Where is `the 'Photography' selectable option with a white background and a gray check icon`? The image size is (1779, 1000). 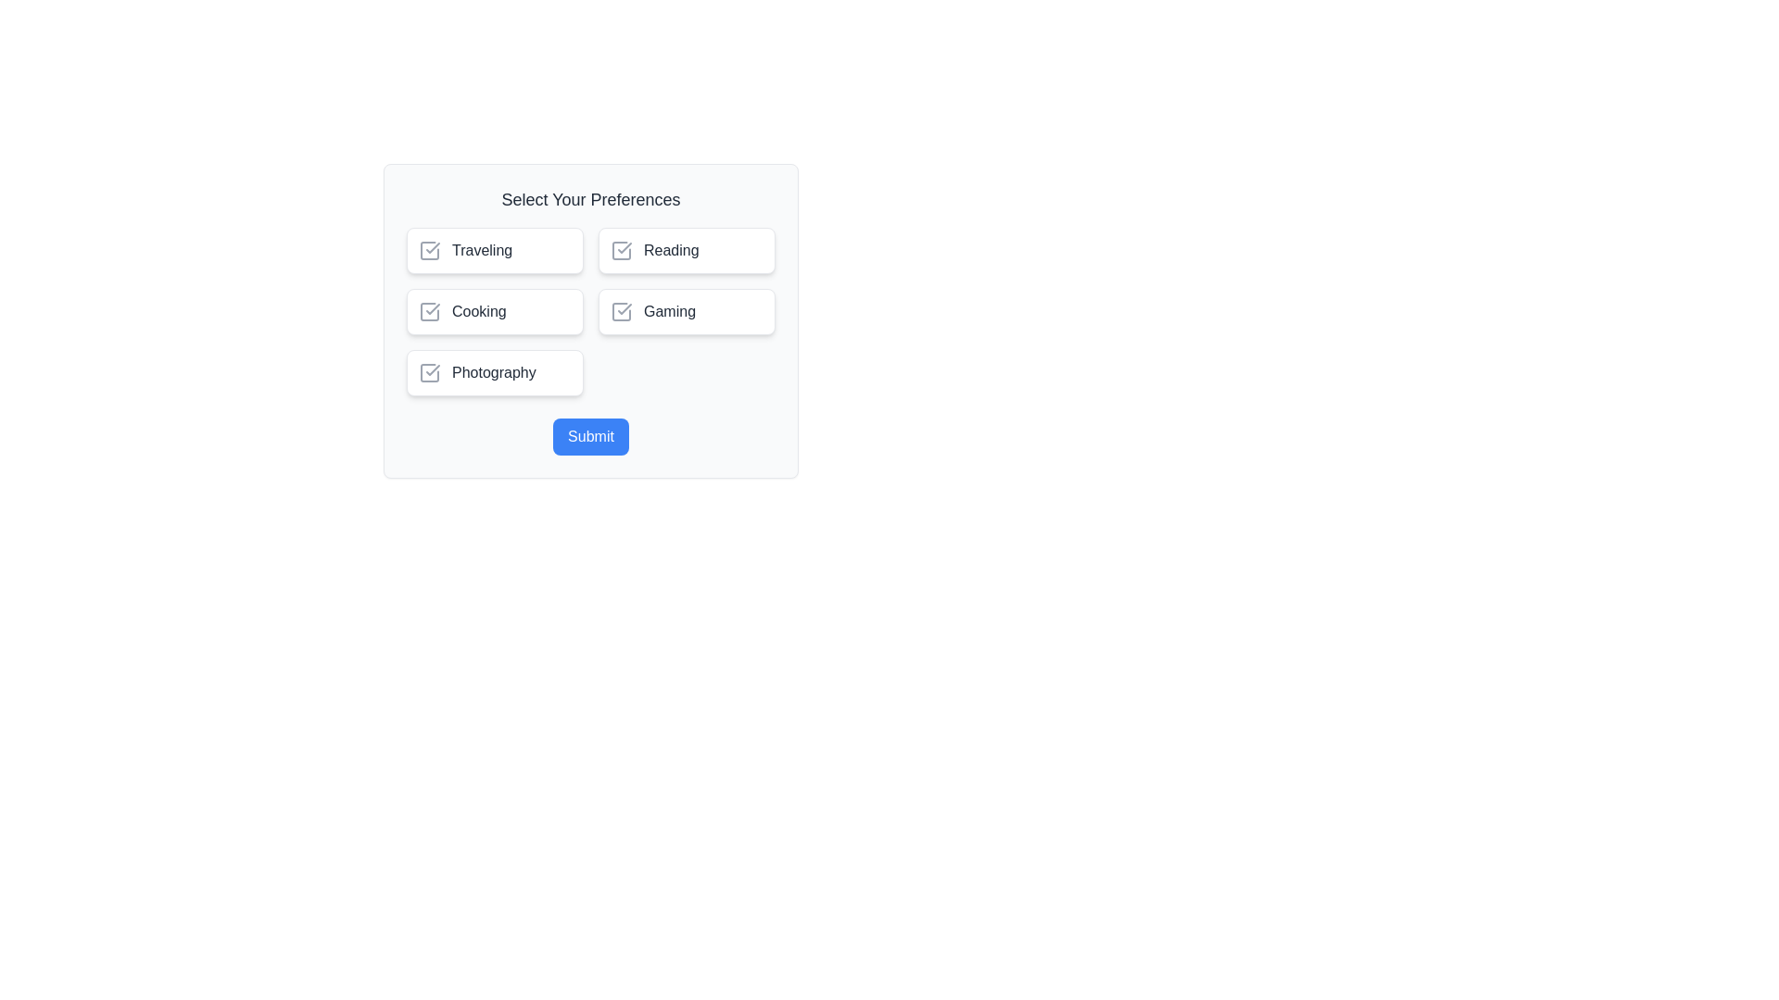 the 'Photography' selectable option with a white background and a gray check icon is located at coordinates (495, 372).